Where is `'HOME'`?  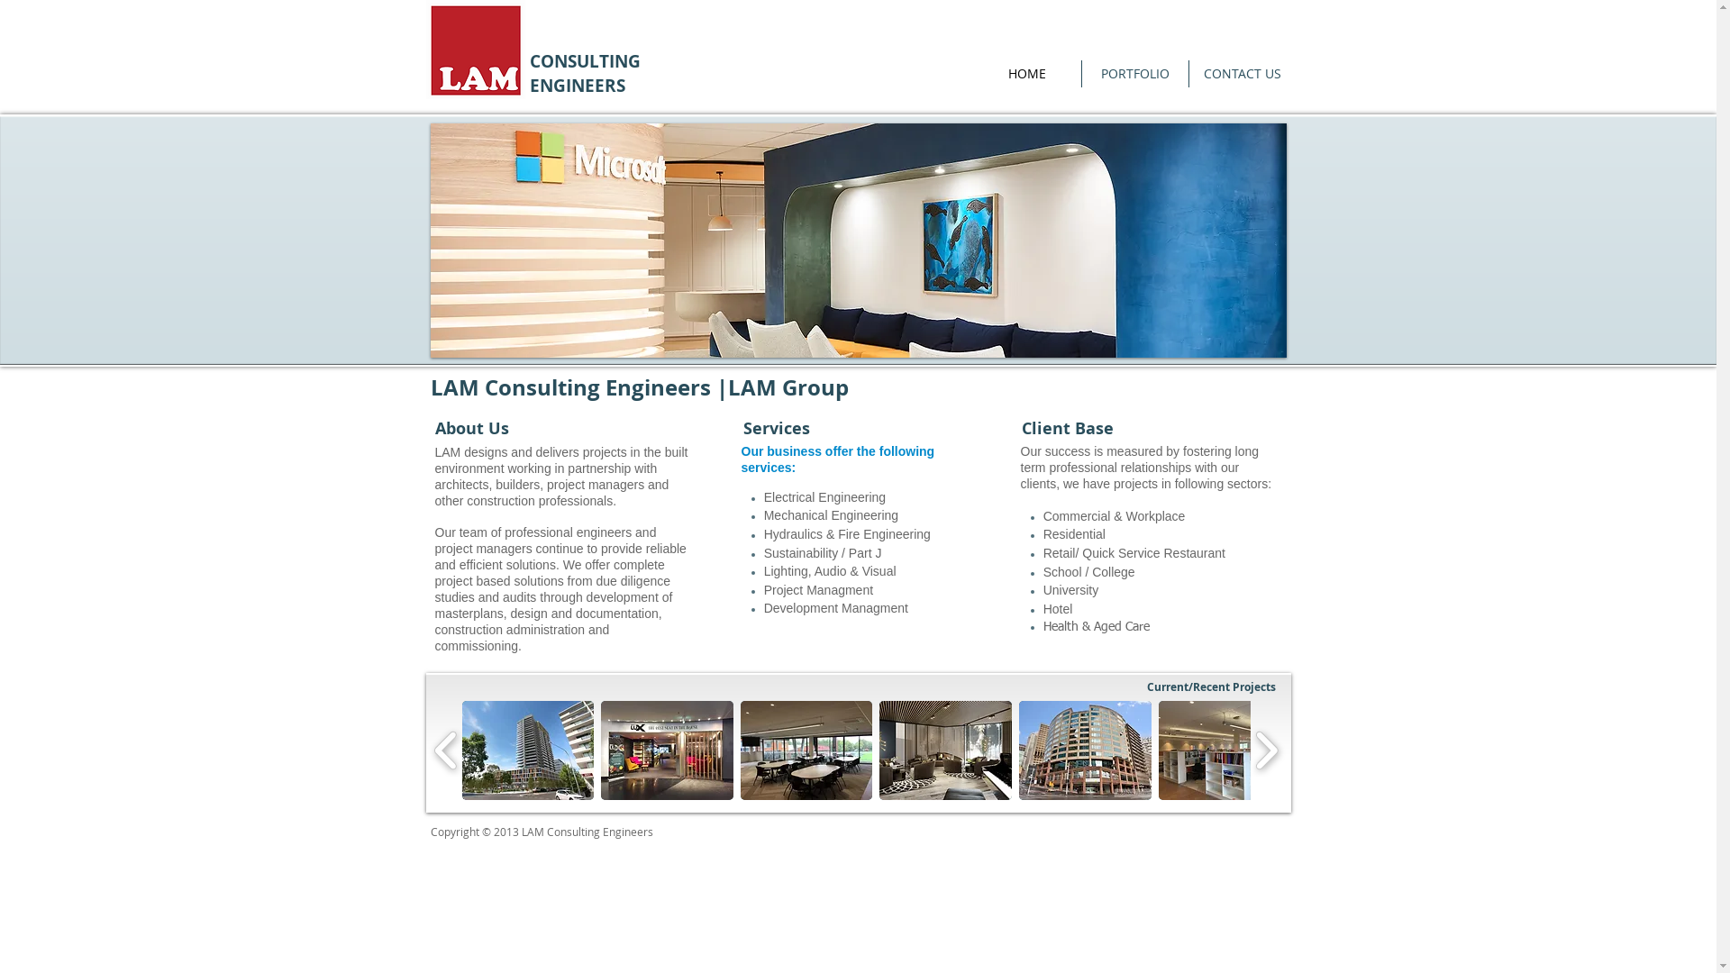
'HOME' is located at coordinates (1026, 72).